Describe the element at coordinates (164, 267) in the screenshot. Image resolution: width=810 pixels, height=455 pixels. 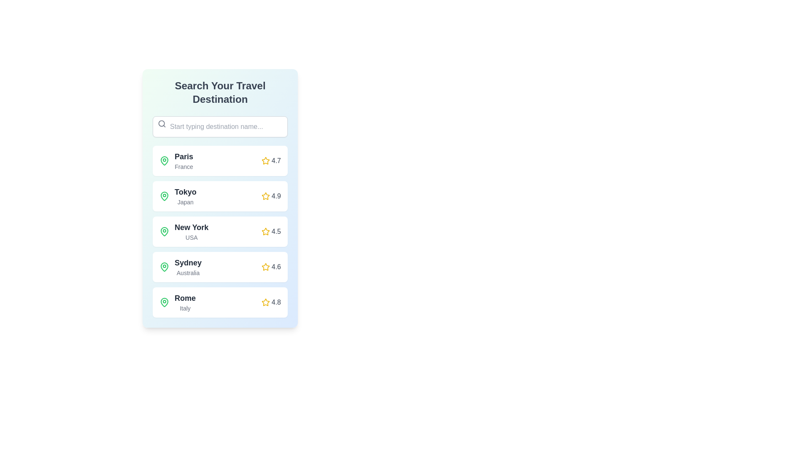
I see `the location marker icon that appears to the left of the text 'Sydney' and 'Australia' in the fourth row of the travel destinations listing panel` at that location.